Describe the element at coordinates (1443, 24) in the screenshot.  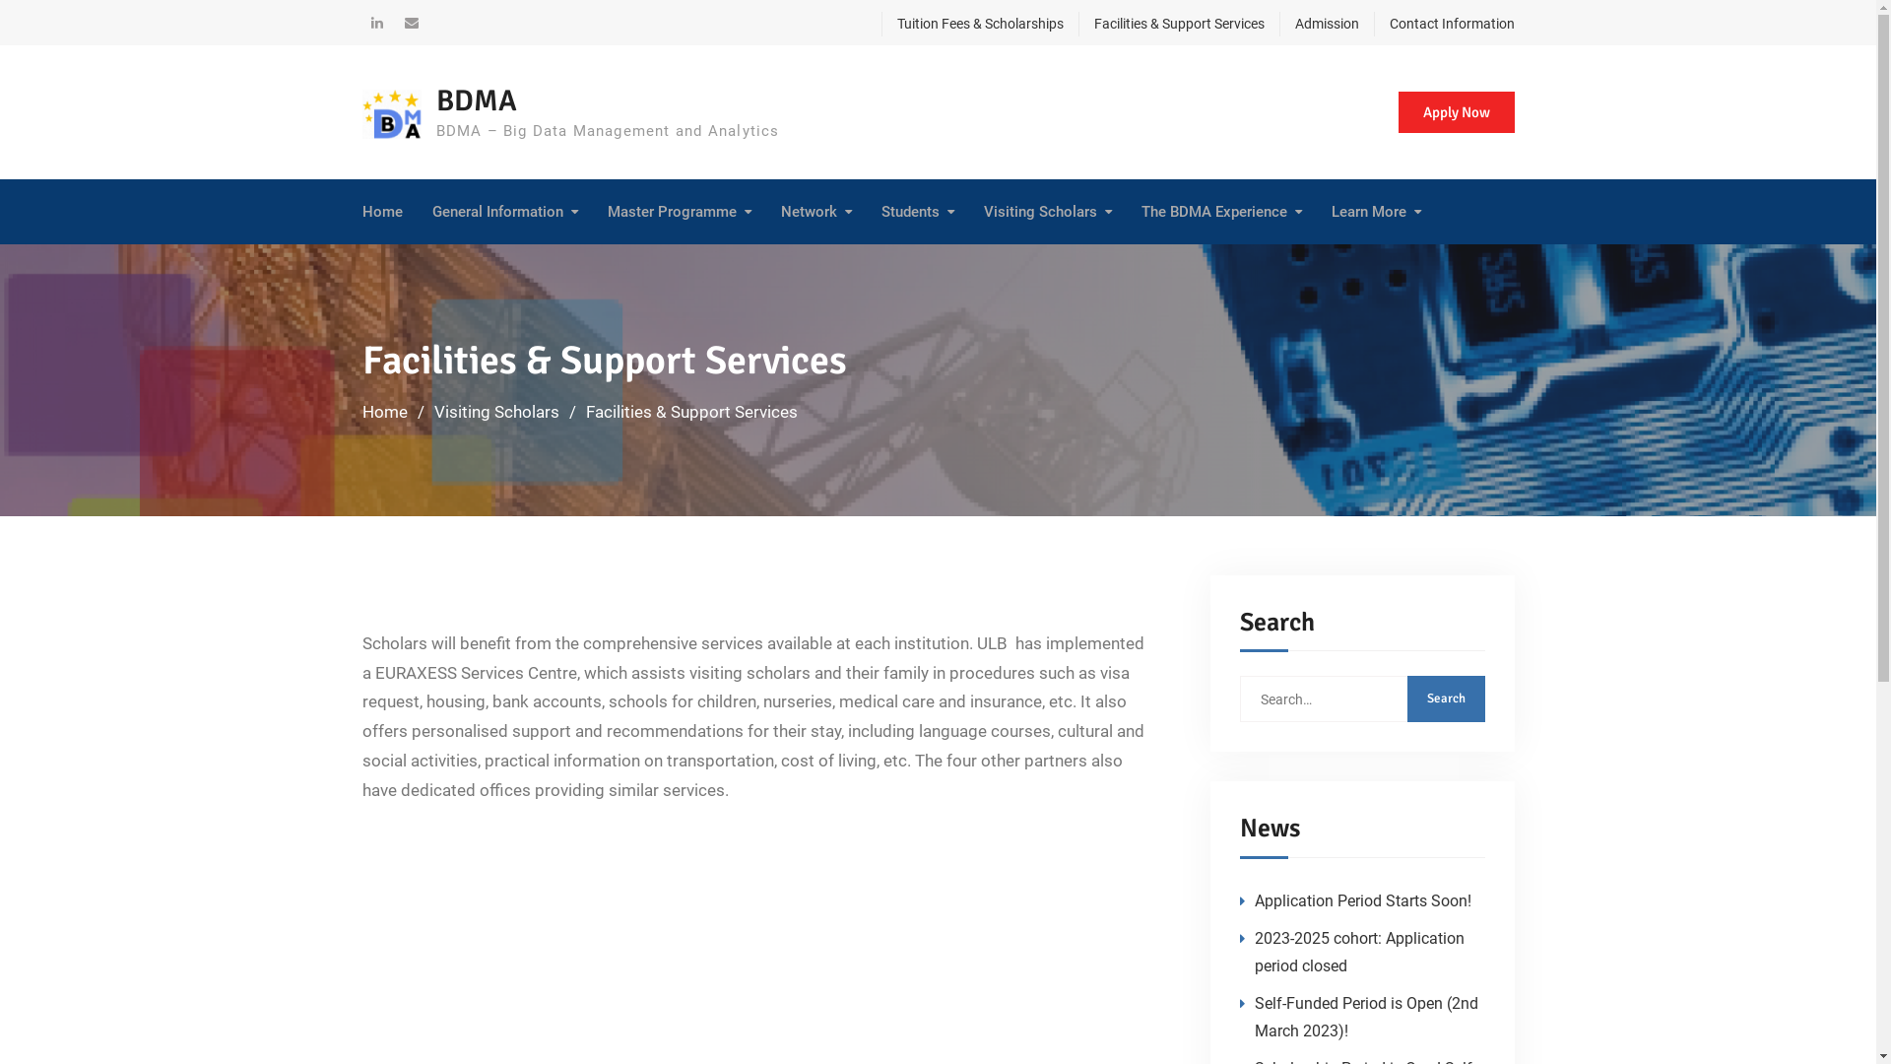
I see `'Contact Information'` at that location.